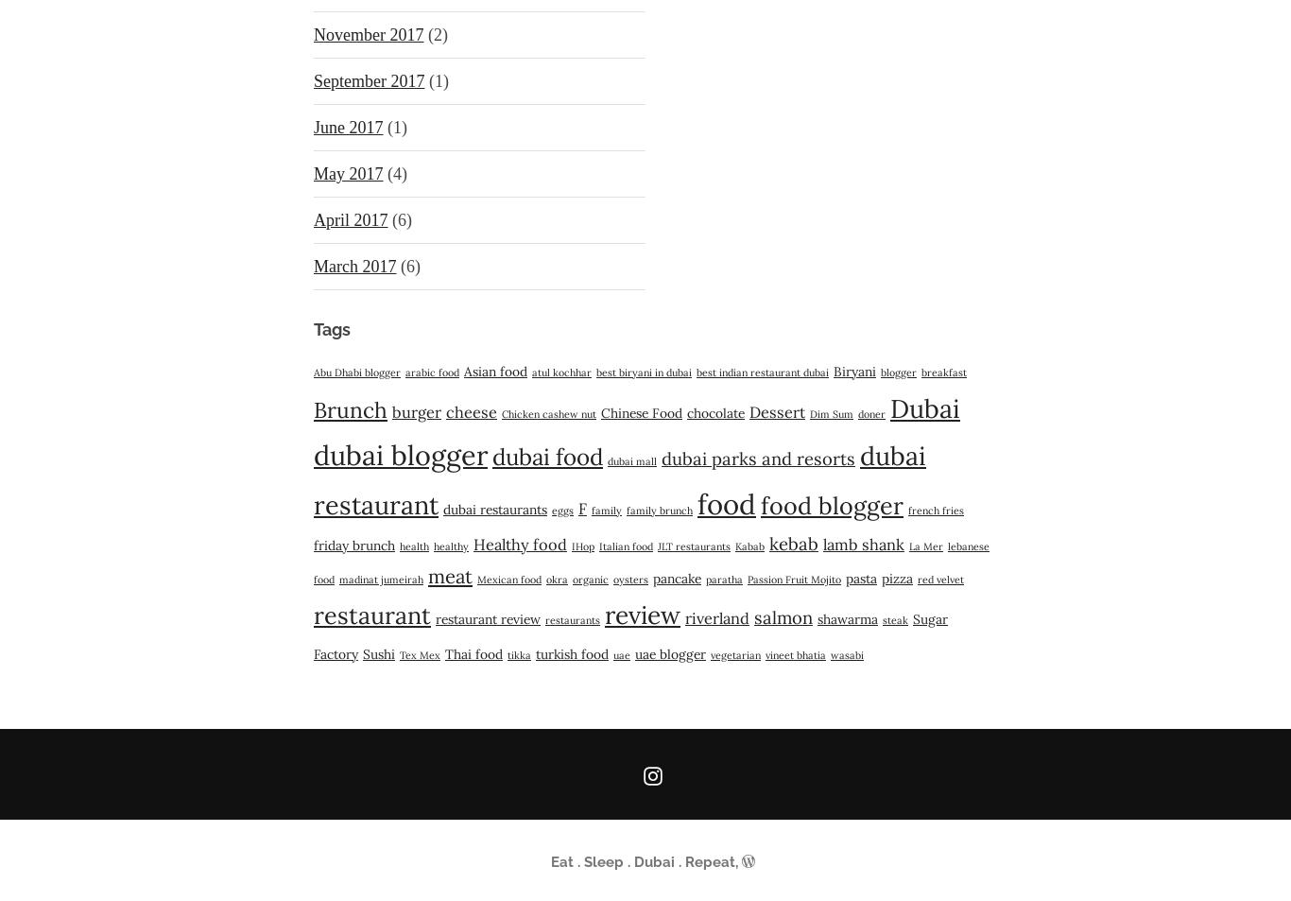 The image size is (1291, 901). What do you see at coordinates (727, 504) in the screenshot?
I see `'food'` at bounding box center [727, 504].